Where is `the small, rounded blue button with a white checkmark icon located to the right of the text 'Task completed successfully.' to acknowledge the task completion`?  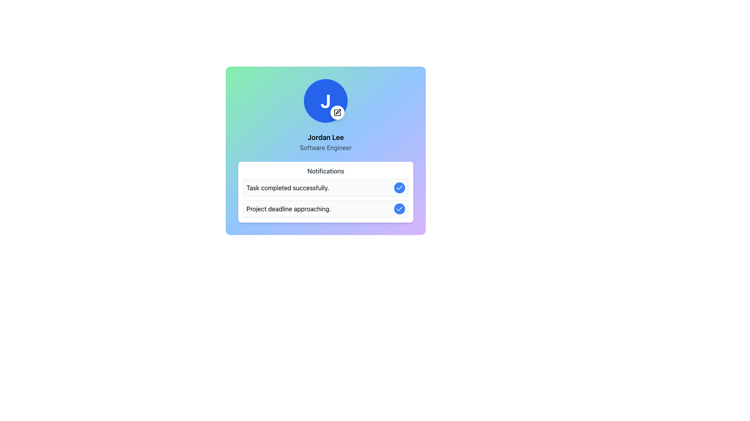
the small, rounded blue button with a white checkmark icon located to the right of the text 'Task completed successfully.' to acknowledge the task completion is located at coordinates (399, 188).